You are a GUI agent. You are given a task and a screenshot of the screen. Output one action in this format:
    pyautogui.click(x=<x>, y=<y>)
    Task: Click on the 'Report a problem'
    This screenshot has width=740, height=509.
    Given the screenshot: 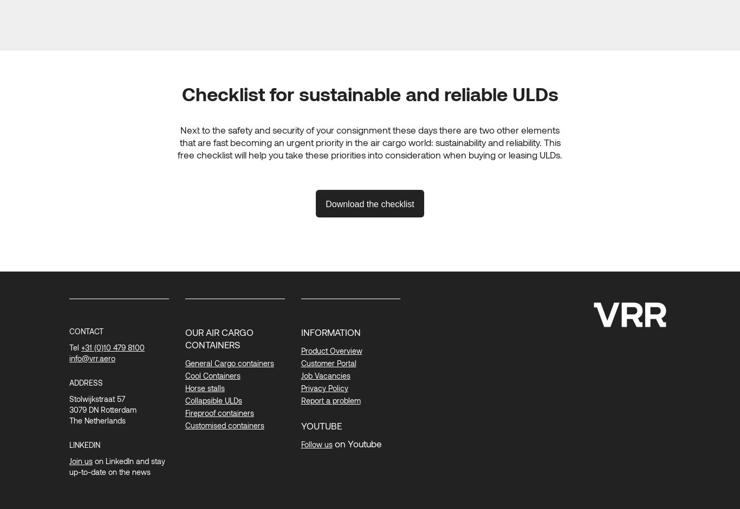 What is the action you would take?
    pyautogui.click(x=301, y=399)
    